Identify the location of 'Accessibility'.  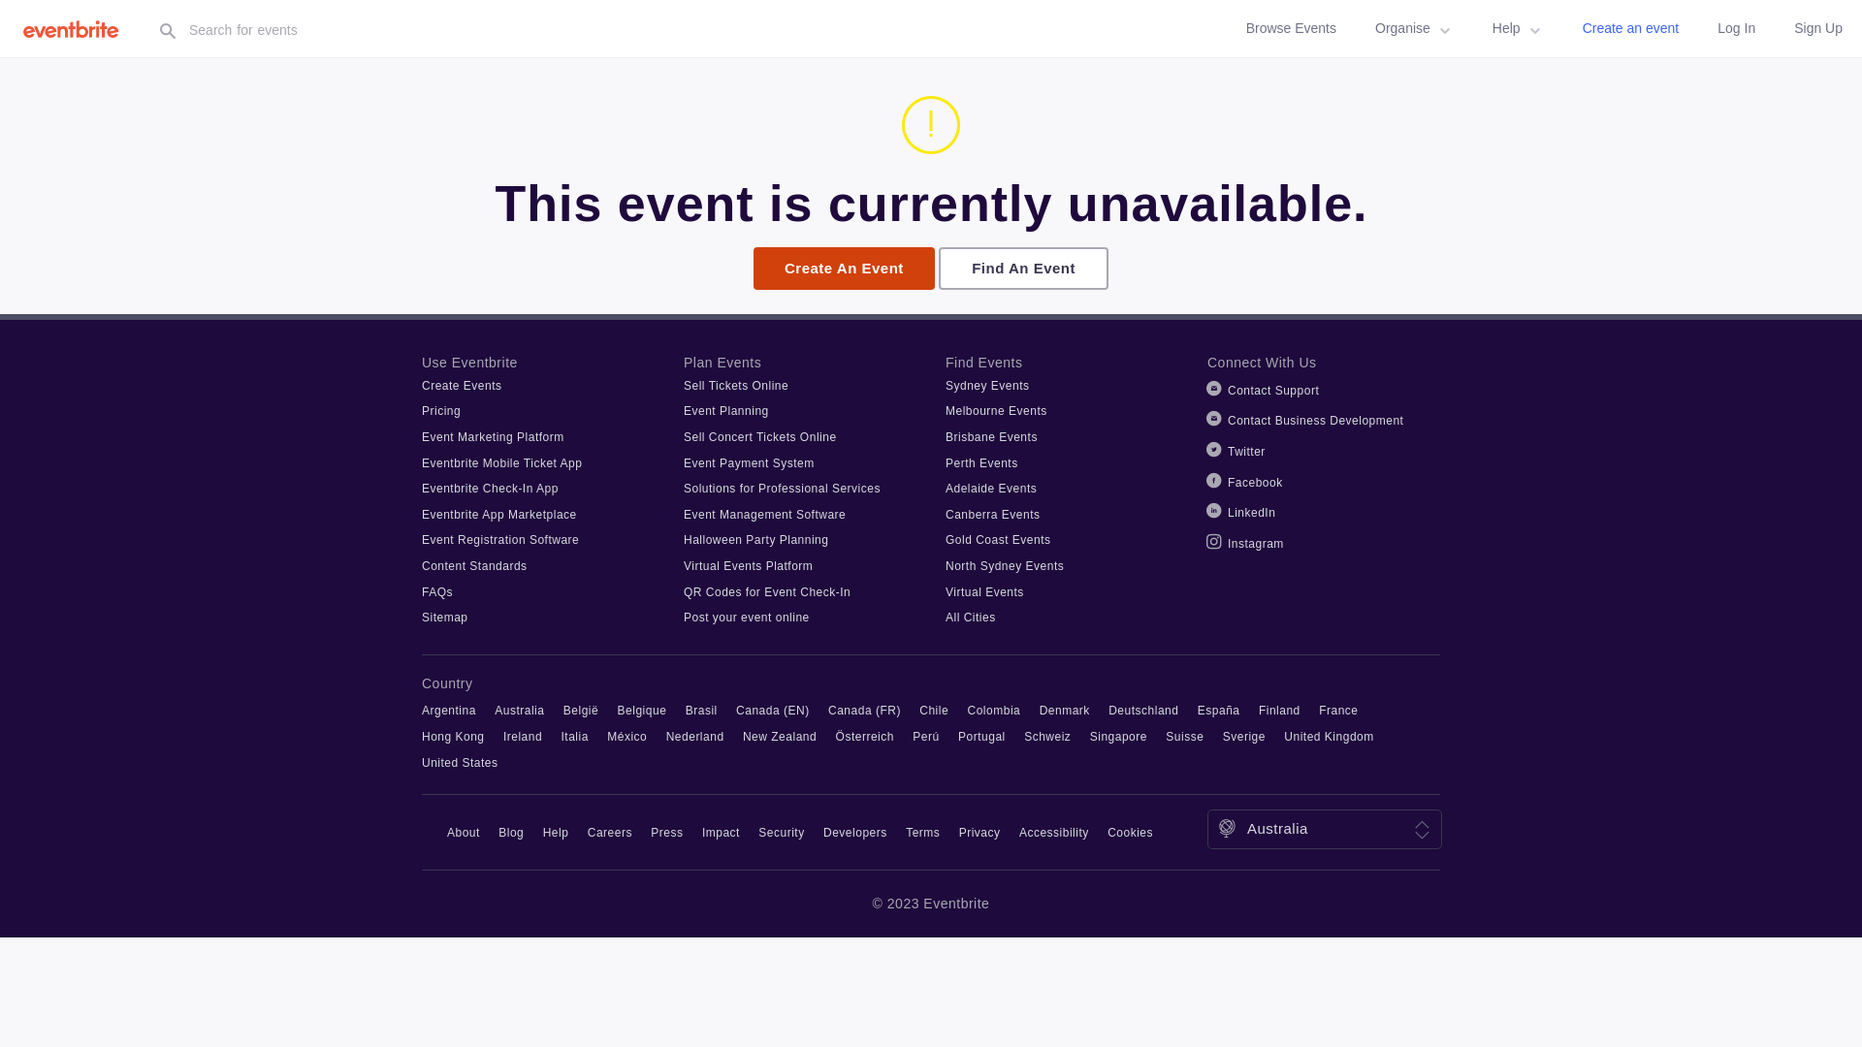
(1018, 832).